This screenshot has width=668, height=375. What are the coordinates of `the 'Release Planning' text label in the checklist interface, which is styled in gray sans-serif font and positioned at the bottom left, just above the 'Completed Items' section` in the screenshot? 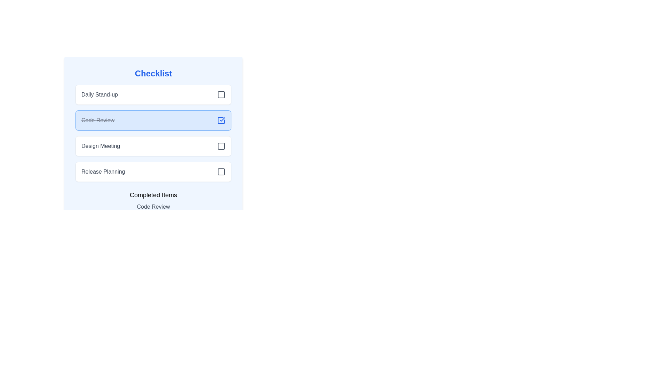 It's located at (103, 172).